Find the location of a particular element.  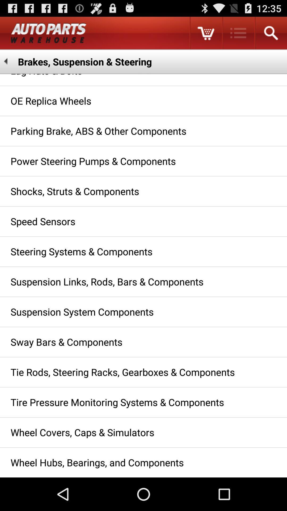

the cart icon is located at coordinates (205, 35).